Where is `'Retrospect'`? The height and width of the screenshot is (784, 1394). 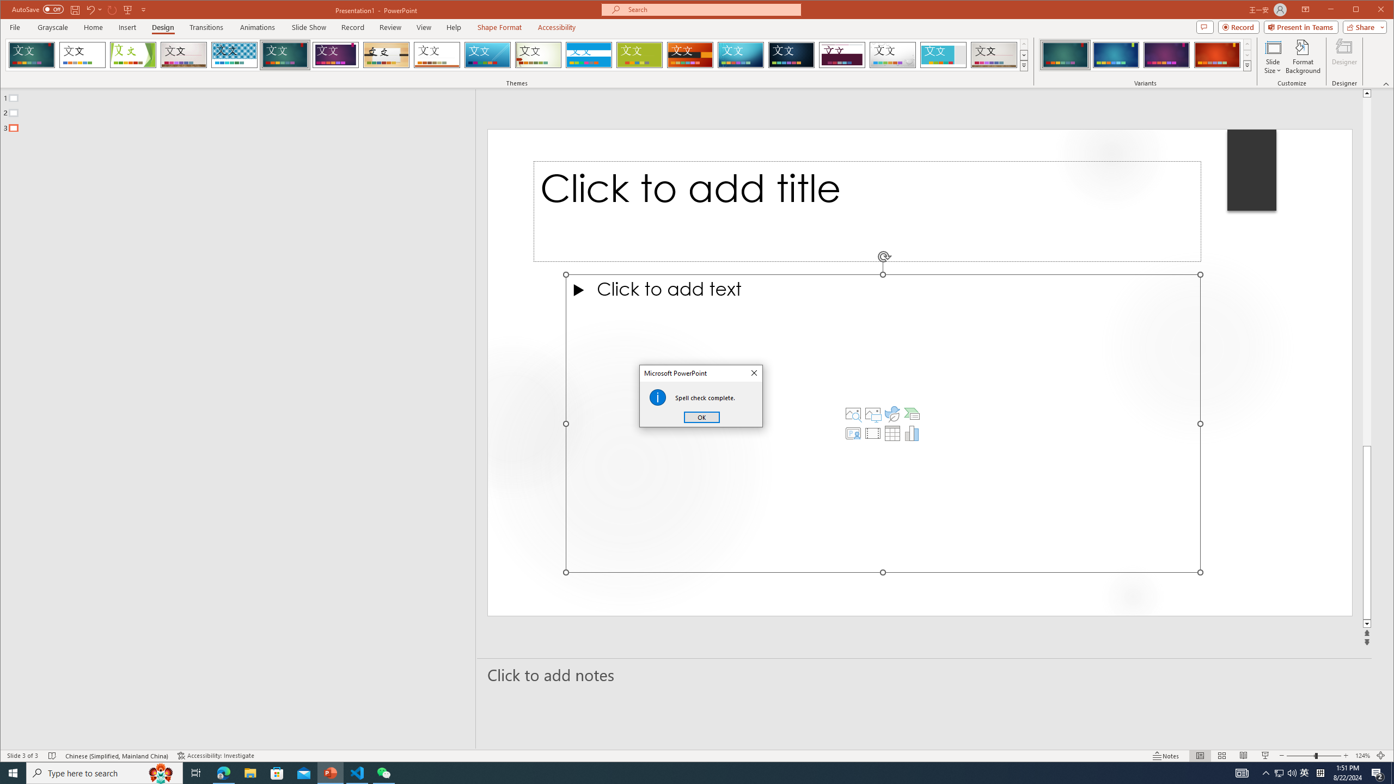
'Retrospect' is located at coordinates (437, 54).